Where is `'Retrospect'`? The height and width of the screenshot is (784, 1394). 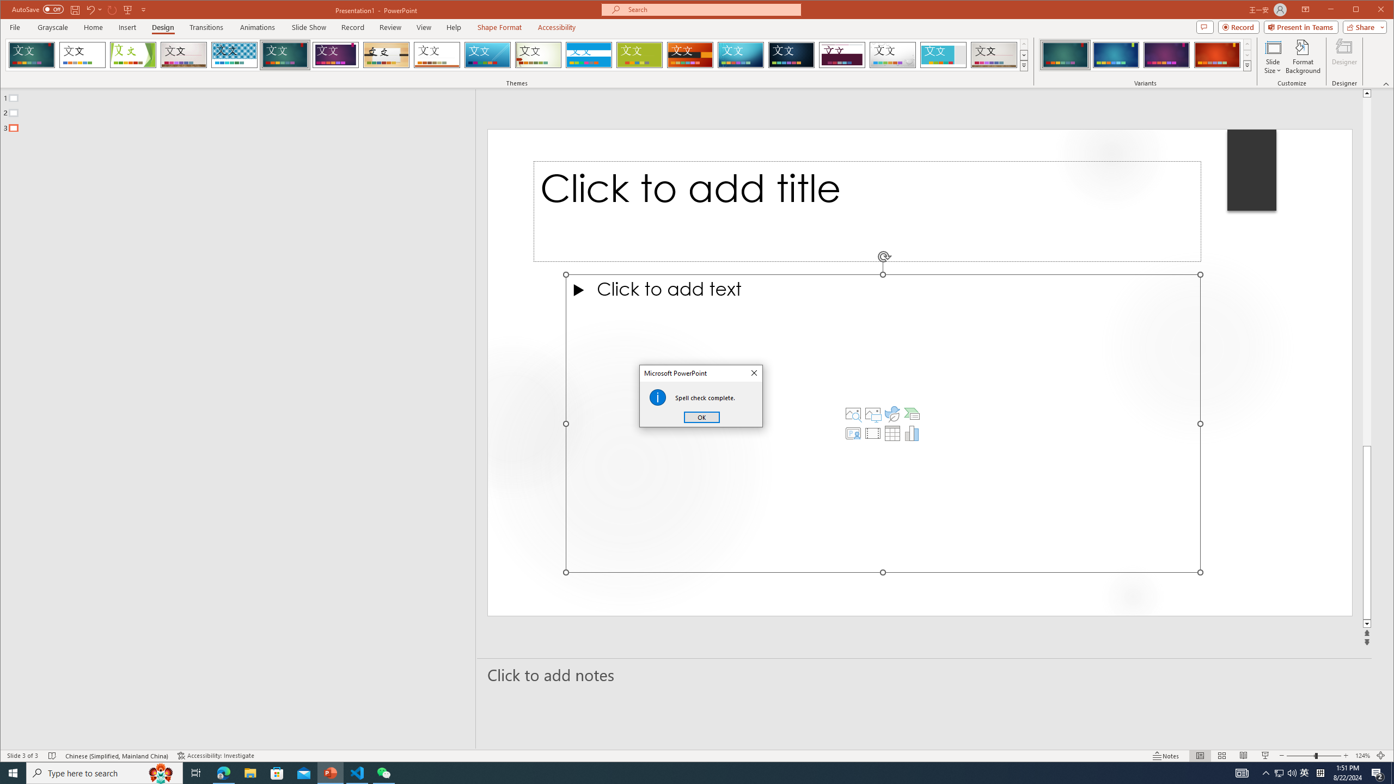
'Retrospect' is located at coordinates (437, 54).